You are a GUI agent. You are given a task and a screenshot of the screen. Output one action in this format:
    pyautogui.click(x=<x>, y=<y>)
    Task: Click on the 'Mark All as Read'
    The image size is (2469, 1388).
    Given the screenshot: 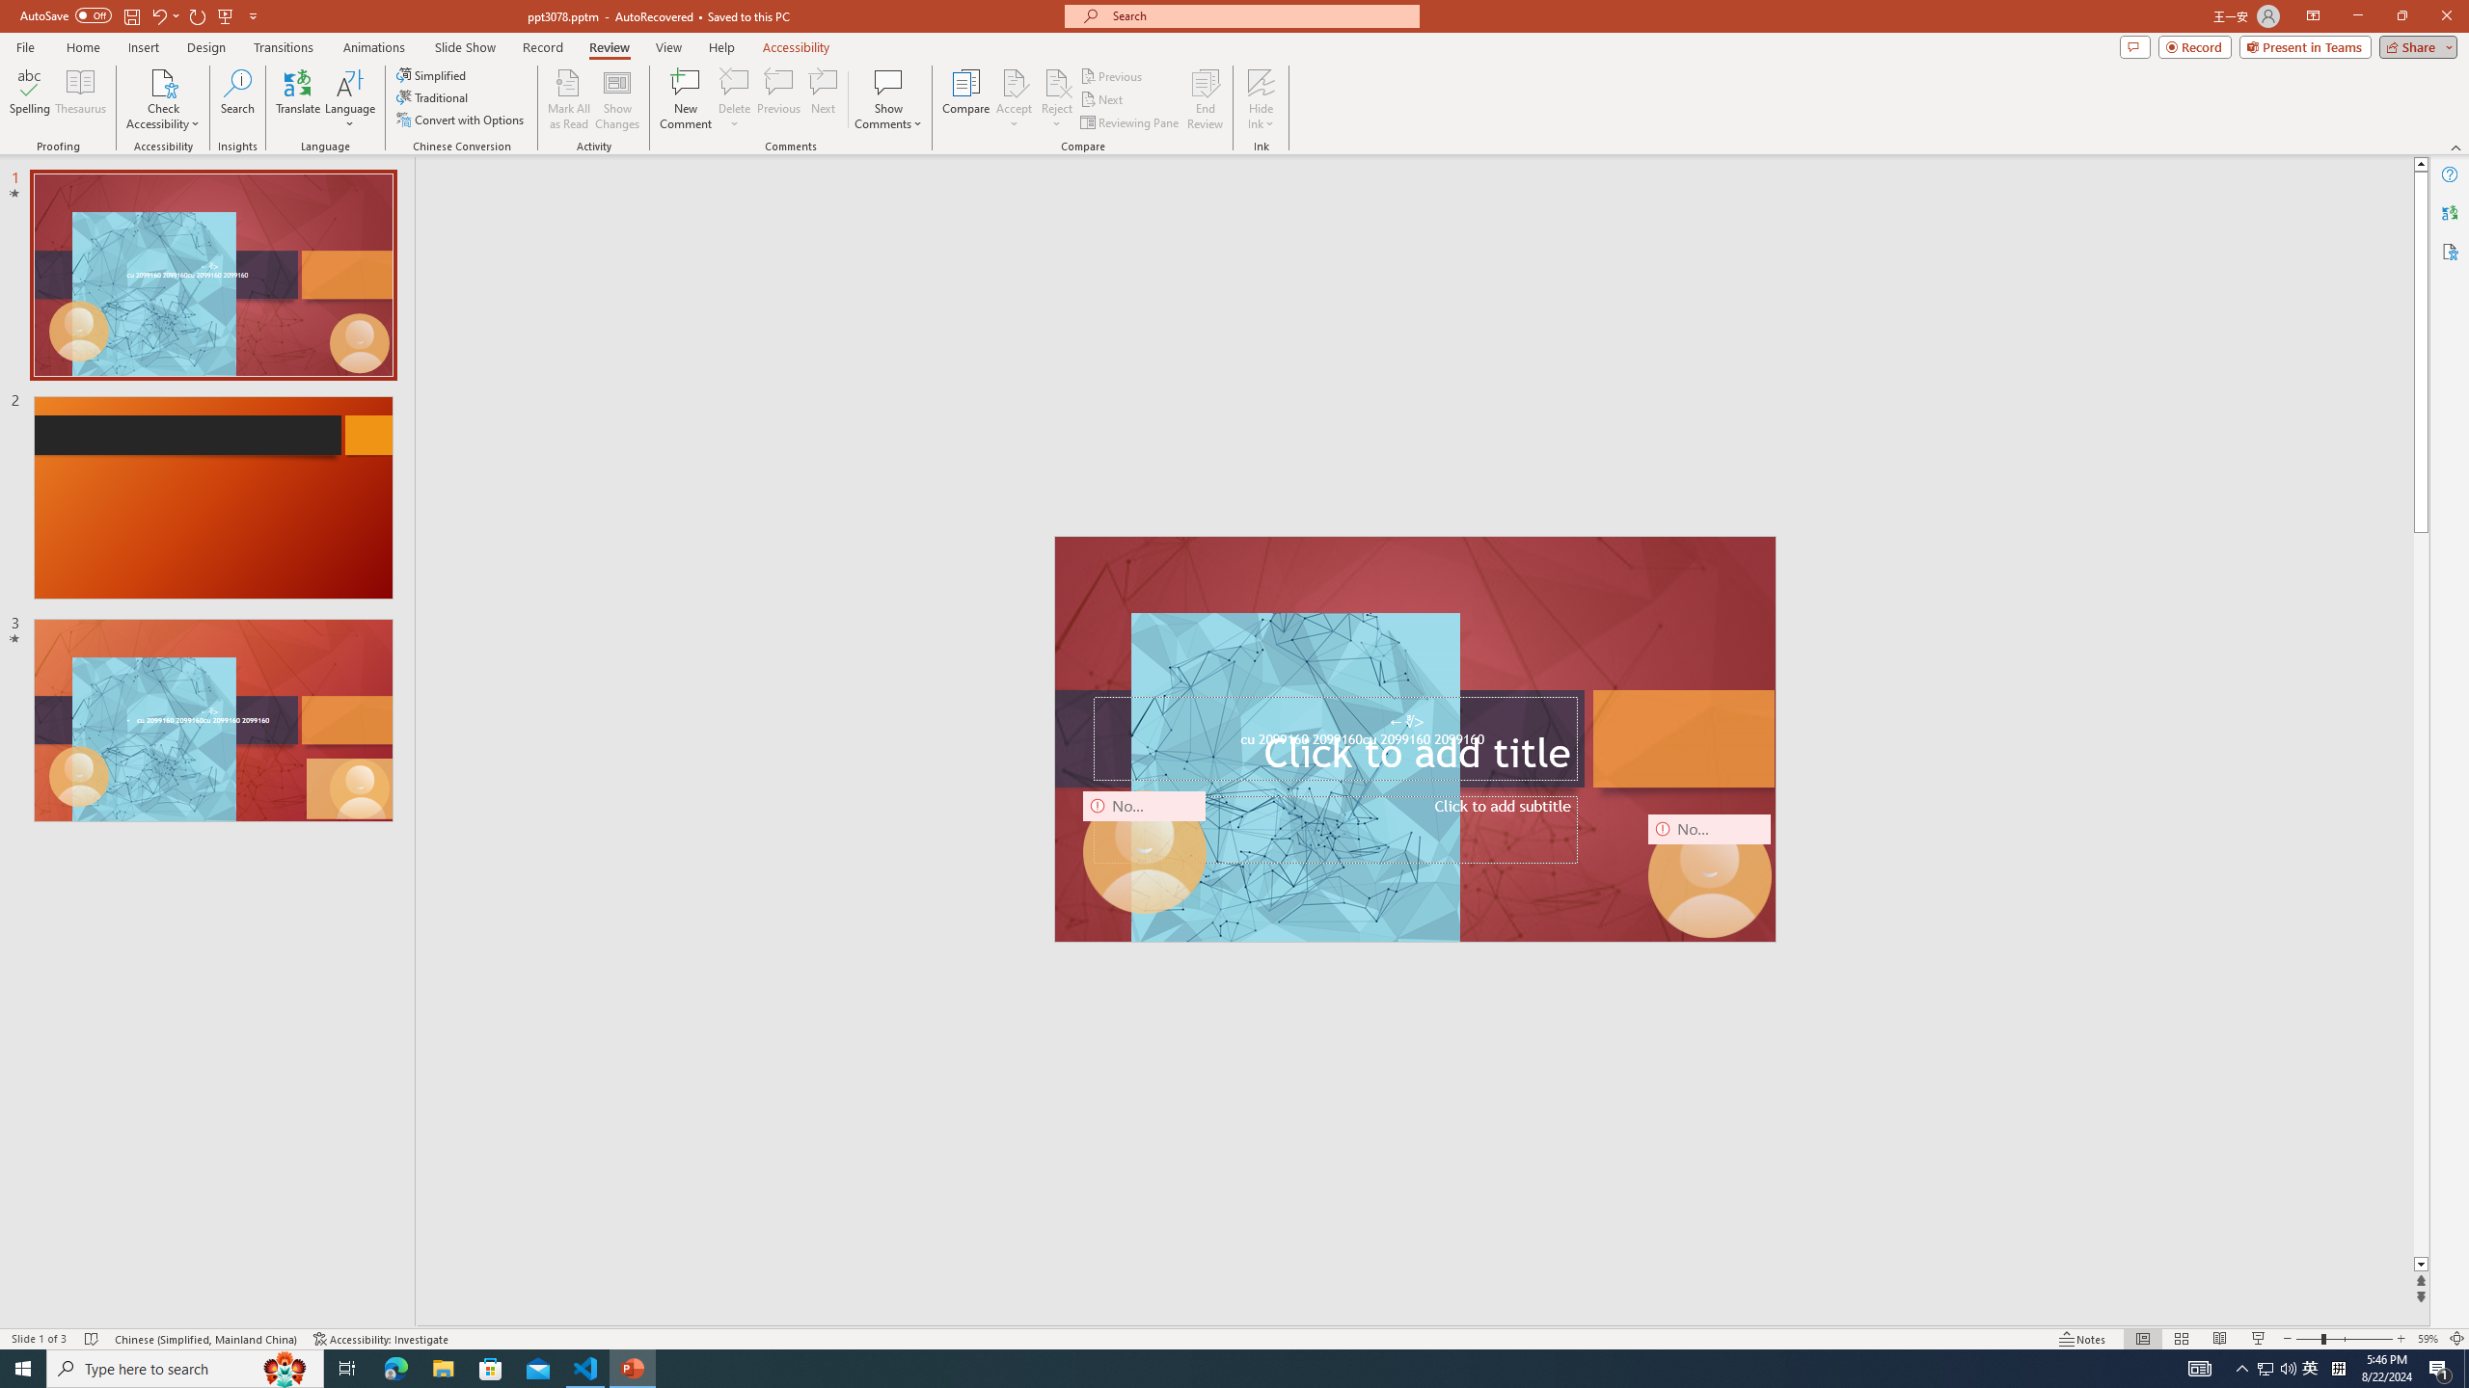 What is the action you would take?
    pyautogui.click(x=569, y=99)
    